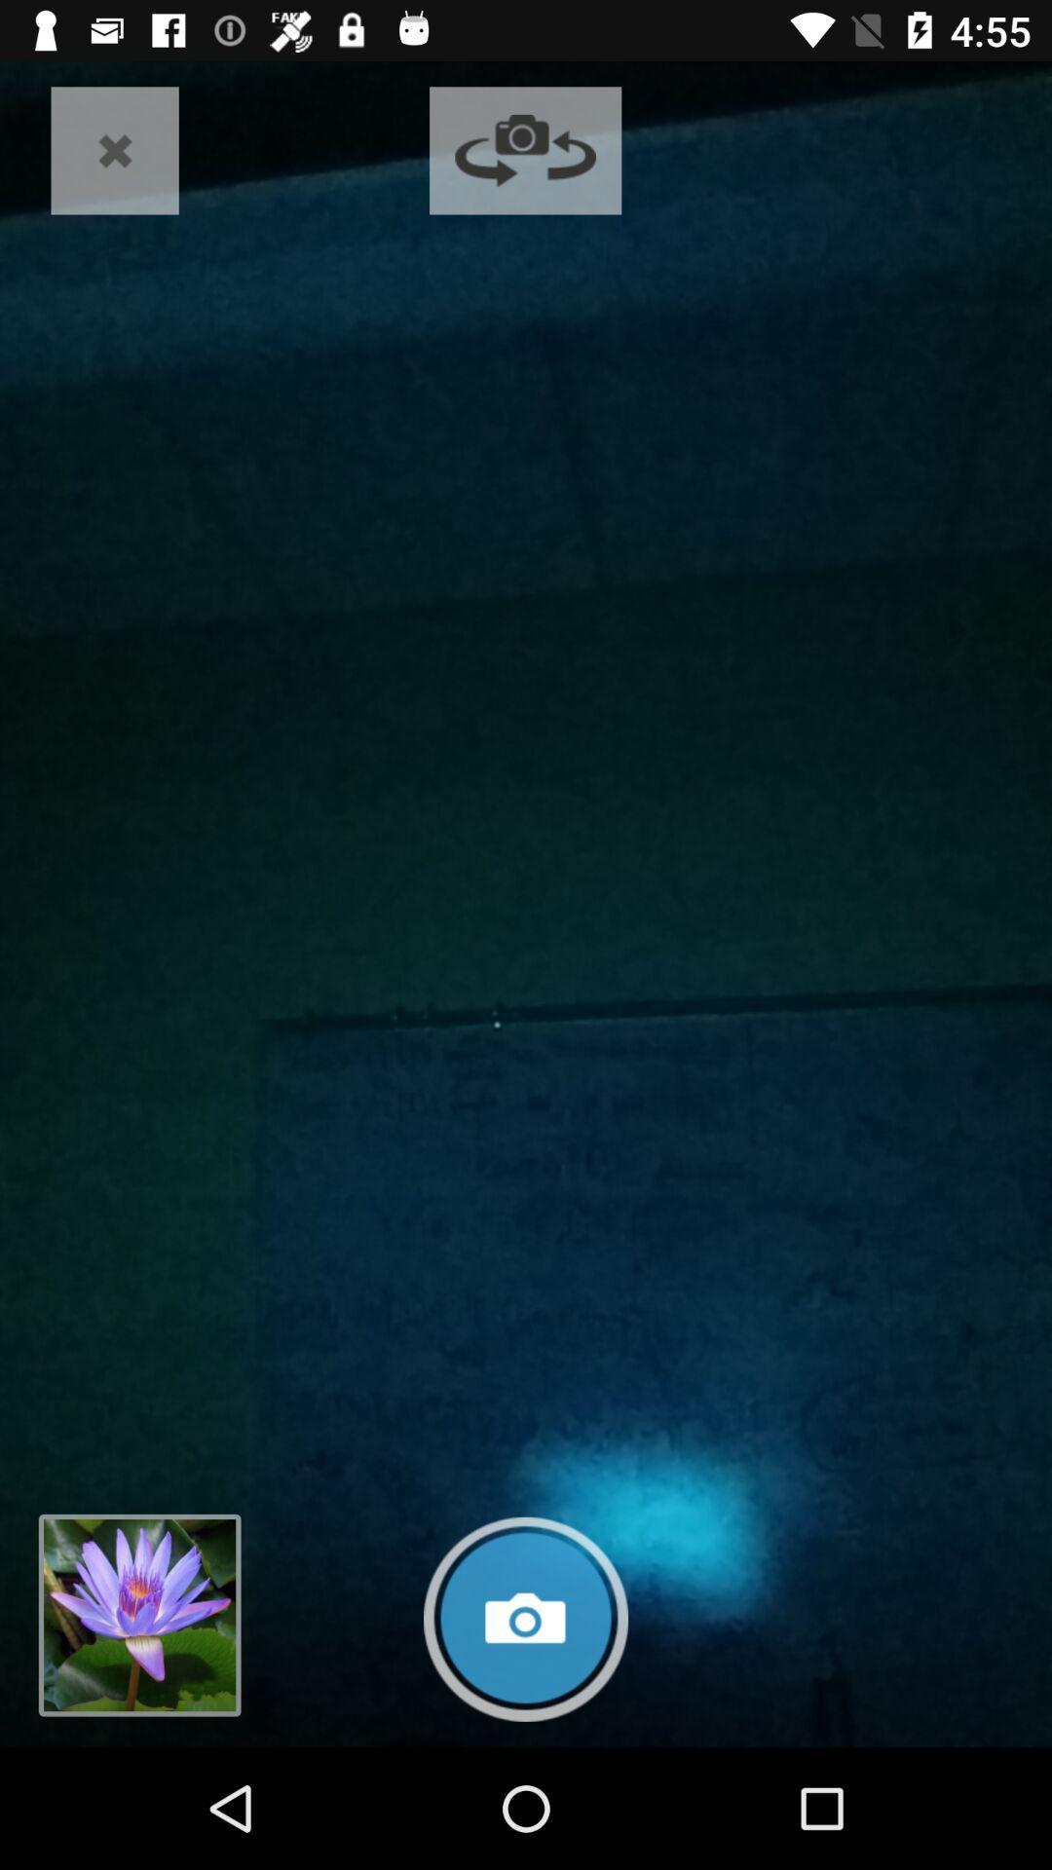 This screenshot has width=1052, height=1870. What do you see at coordinates (115, 149) in the screenshot?
I see `the app` at bounding box center [115, 149].